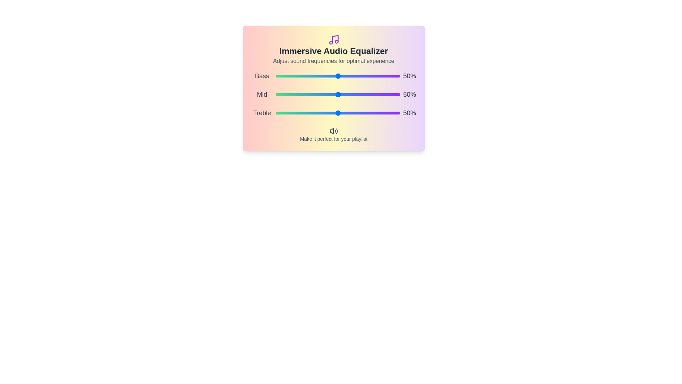 The height and width of the screenshot is (384, 682). What do you see at coordinates (400, 94) in the screenshot?
I see `the 1 slider to 99%` at bounding box center [400, 94].